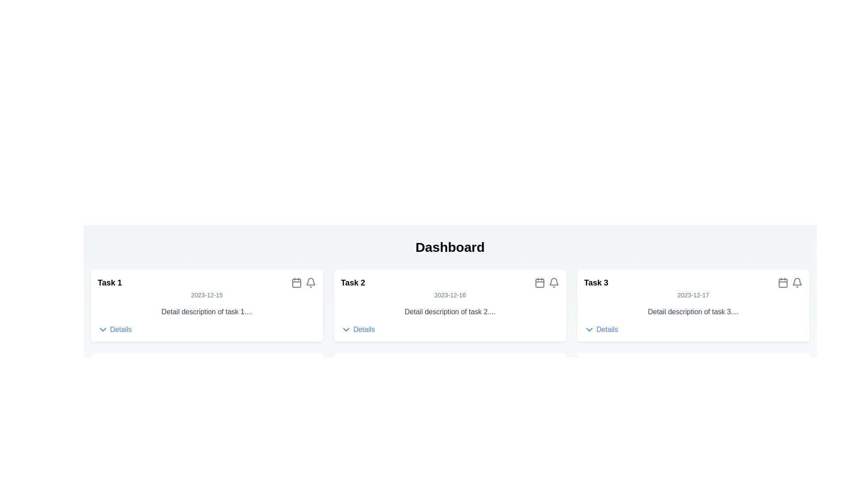 This screenshot has height=478, width=849. I want to click on the blue clickable text labeled 'Details' with a left-pointing chevron icon located in the bottom part of the left card under the 'Task 1' section, so click(114, 329).